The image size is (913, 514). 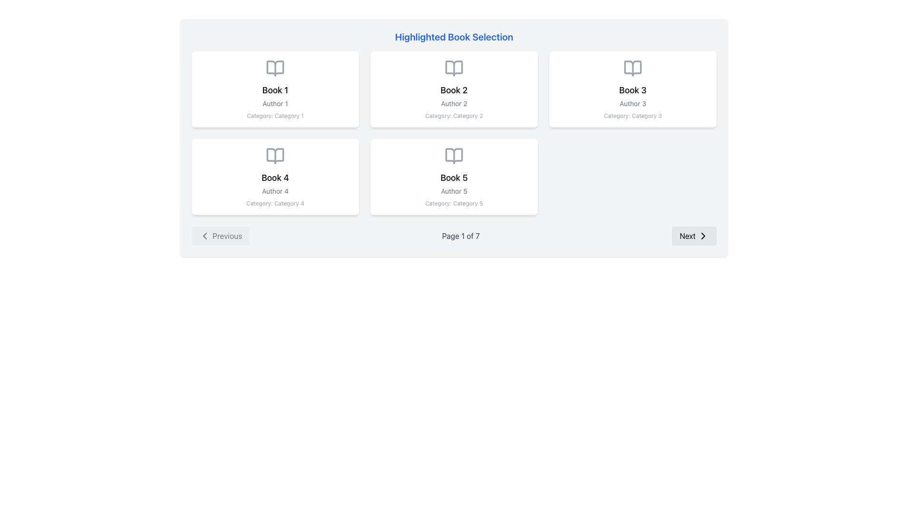 What do you see at coordinates (275, 68) in the screenshot?
I see `the book icon associated with the 'Book 1' card, located at the top left of the grid section` at bounding box center [275, 68].